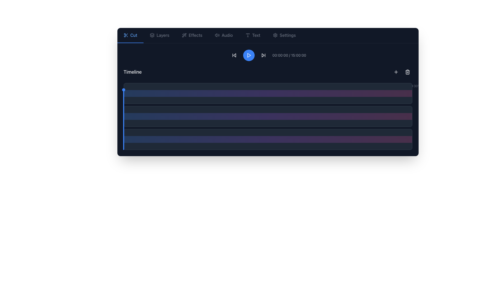 The width and height of the screenshot is (502, 282). What do you see at coordinates (159, 35) in the screenshot?
I see `the button labeled 'Layers' with a dark background and light gray text` at bounding box center [159, 35].